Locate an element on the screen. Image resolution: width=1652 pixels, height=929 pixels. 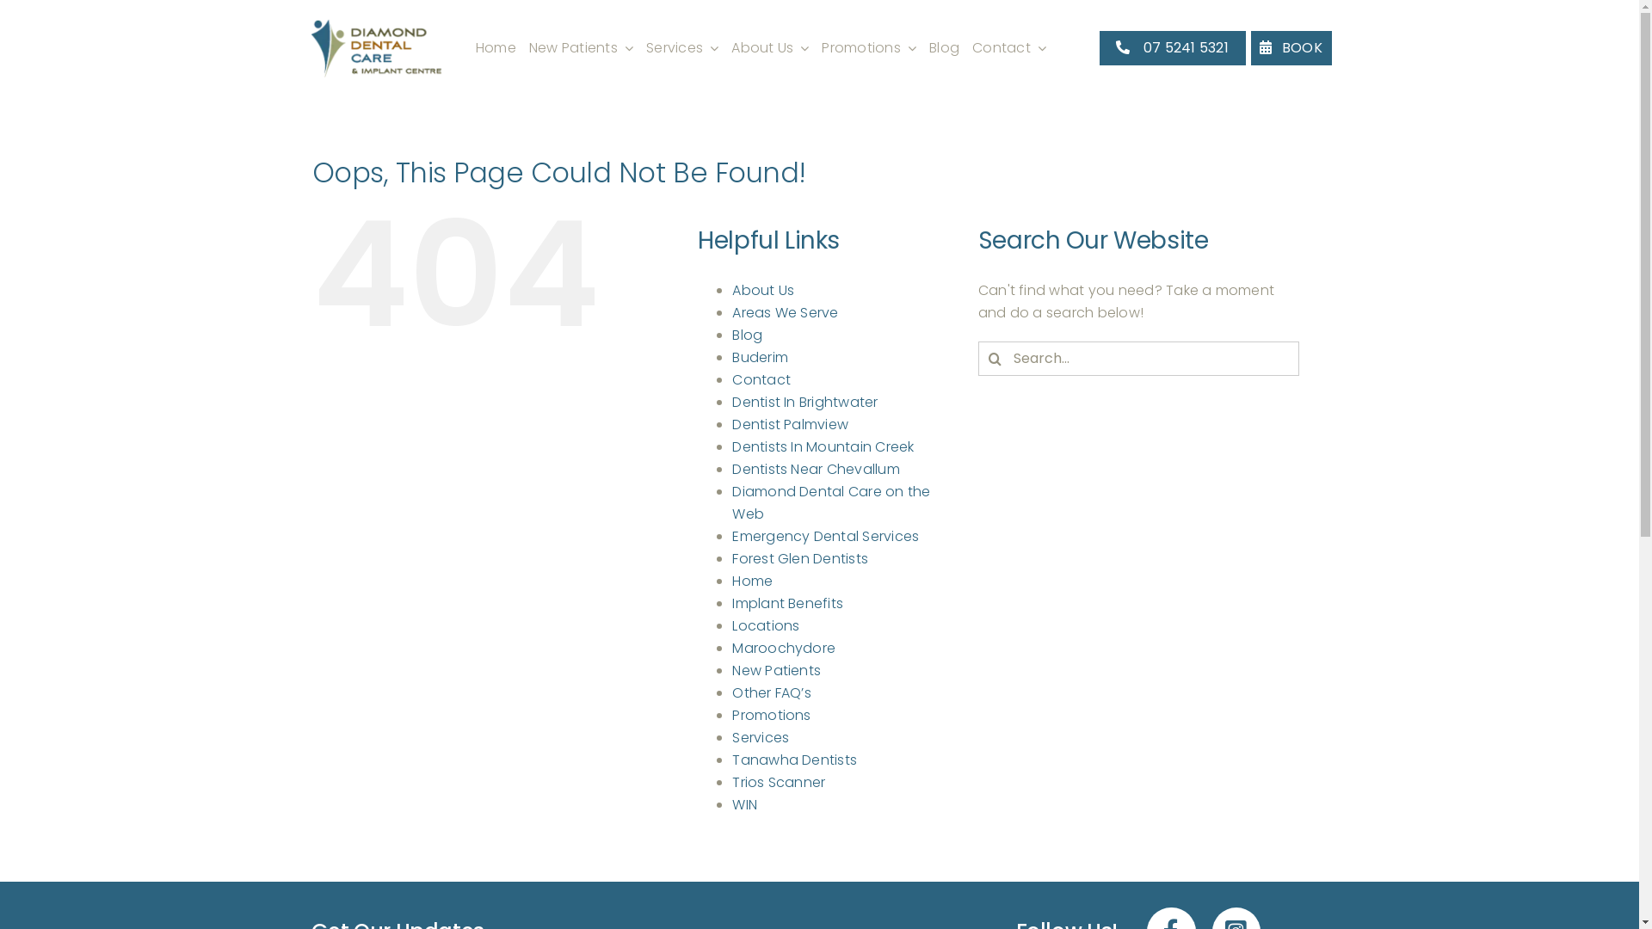
'Home' is located at coordinates (495, 47).